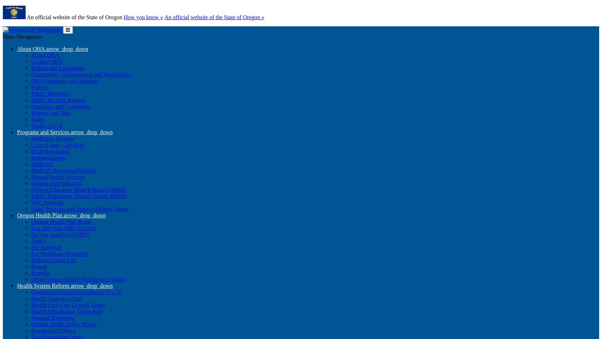 This screenshot has height=339, width=602. I want to click on 'Medical Marijuana Program', so click(31, 170).